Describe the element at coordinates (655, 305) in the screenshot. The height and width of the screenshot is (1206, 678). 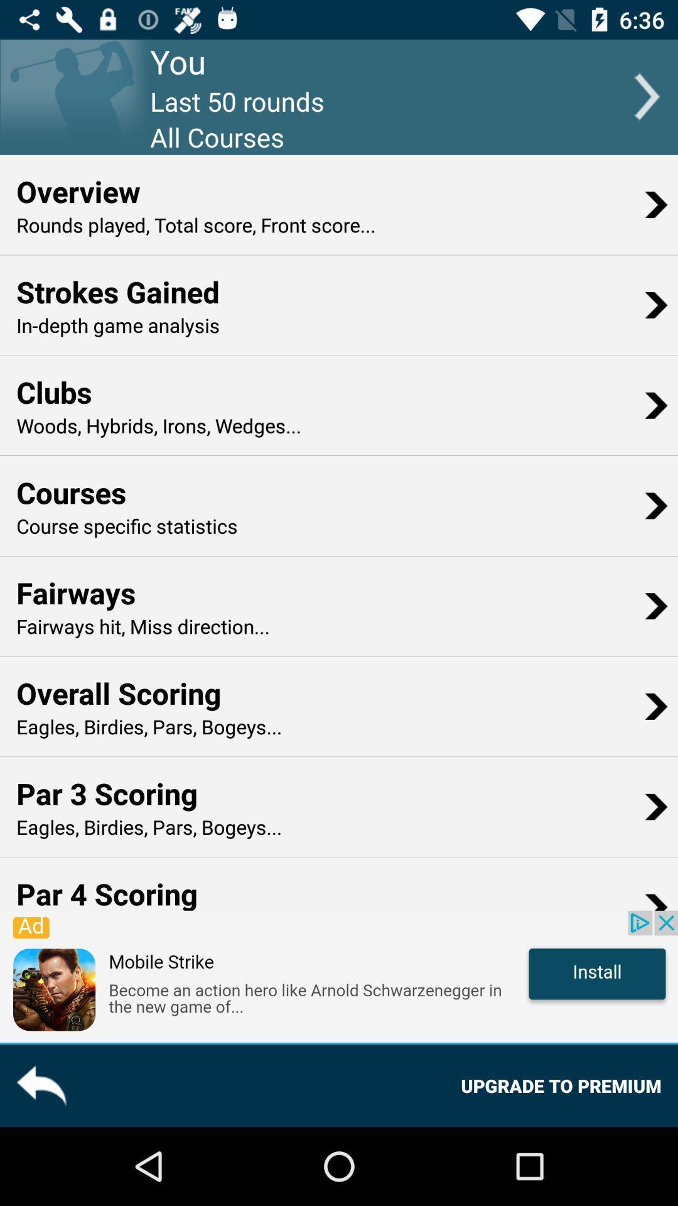
I see `right strokes gained` at that location.